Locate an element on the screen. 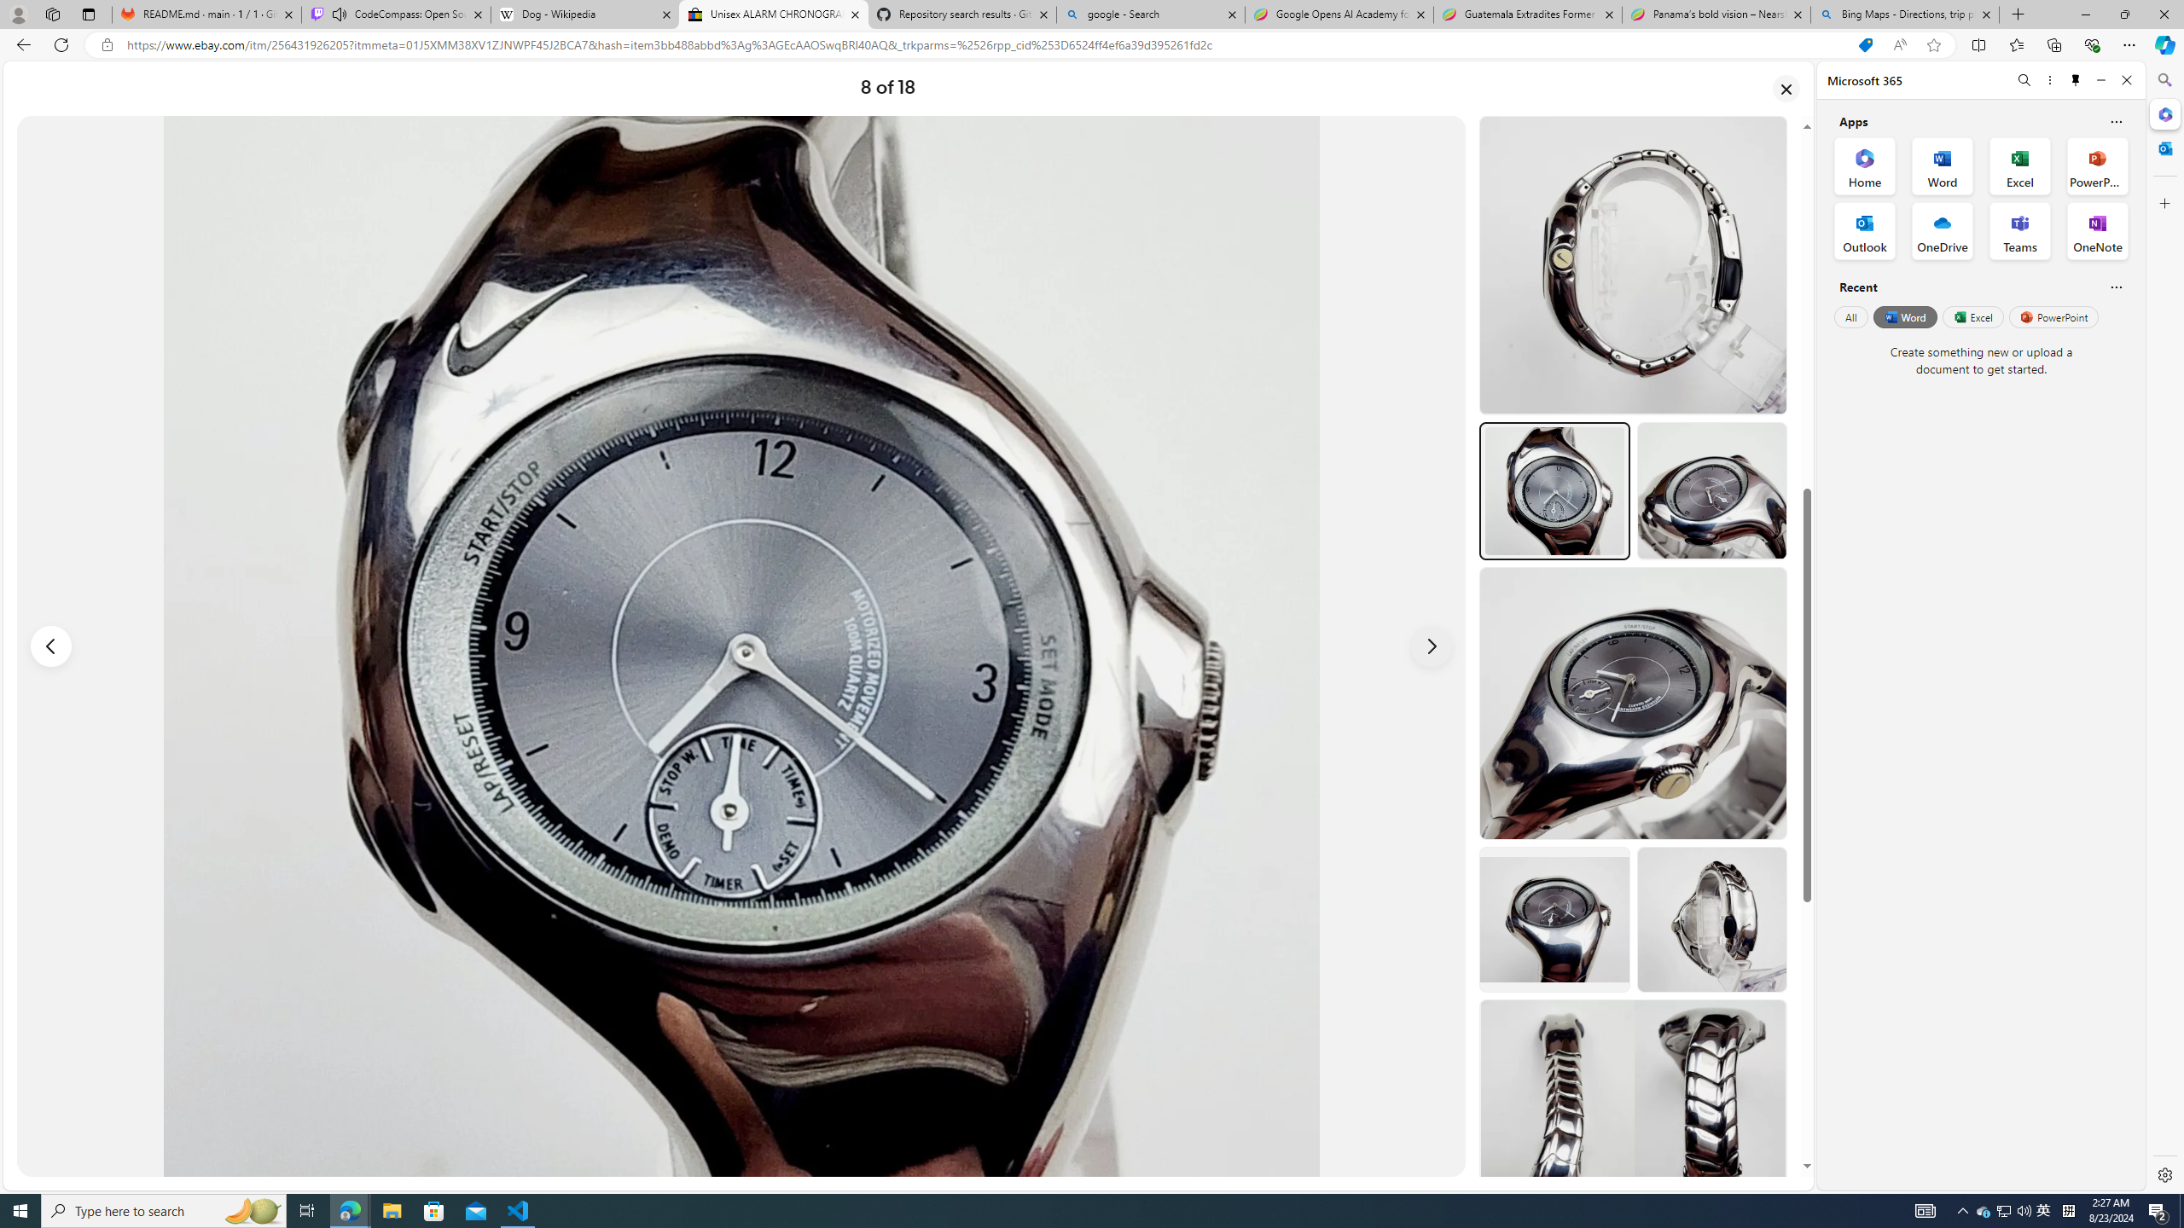 This screenshot has height=1228, width=2184. 'Word Office App' is located at coordinates (1942, 166).